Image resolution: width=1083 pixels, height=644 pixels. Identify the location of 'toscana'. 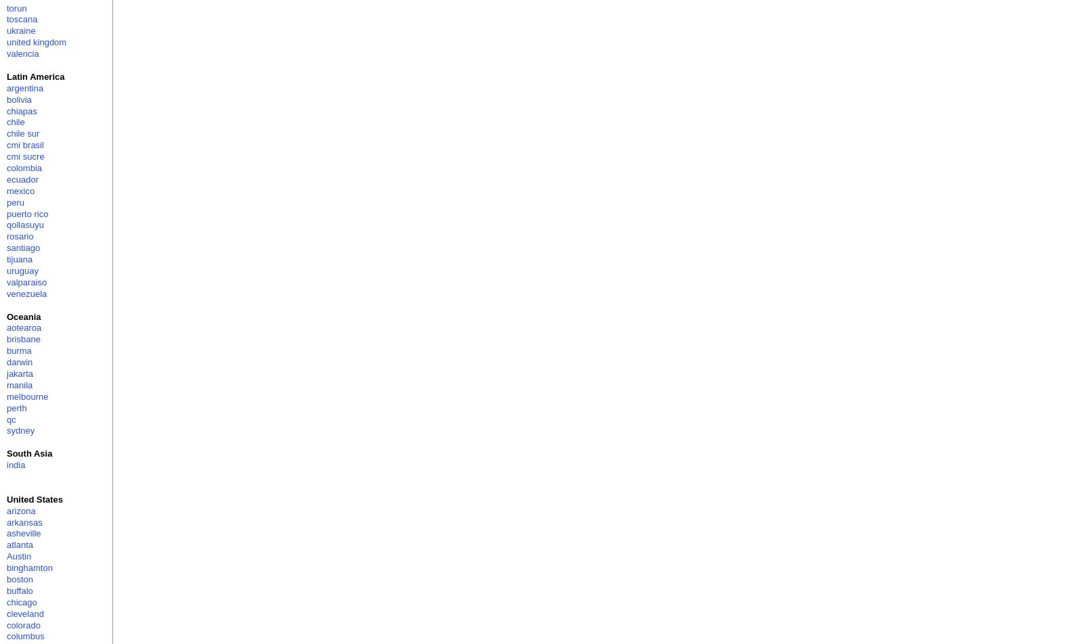
(21, 19).